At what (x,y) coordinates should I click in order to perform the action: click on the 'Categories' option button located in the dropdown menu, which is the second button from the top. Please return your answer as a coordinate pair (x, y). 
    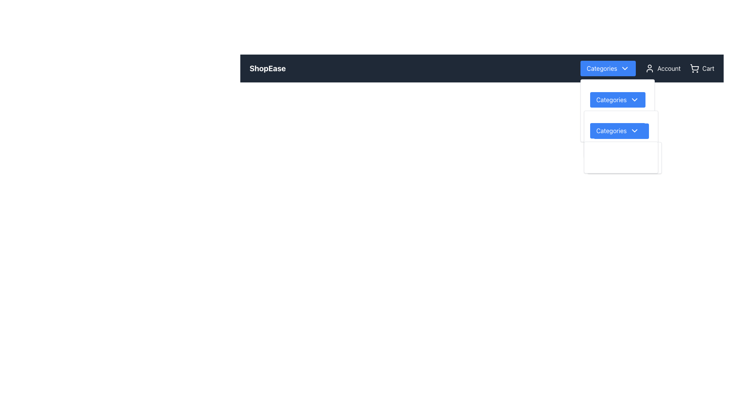
    Looking at the image, I should click on (621, 126).